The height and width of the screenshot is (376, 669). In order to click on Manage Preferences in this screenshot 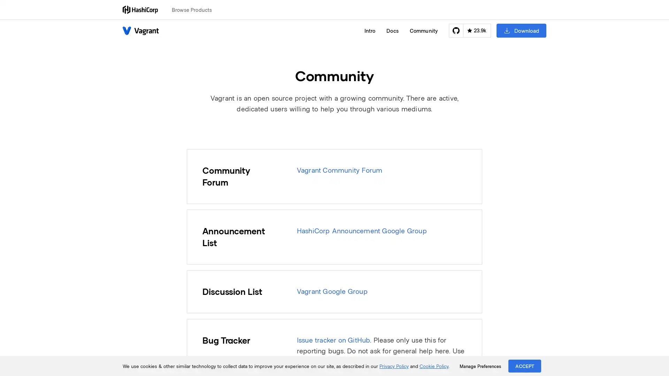, I will do `click(480, 366)`.